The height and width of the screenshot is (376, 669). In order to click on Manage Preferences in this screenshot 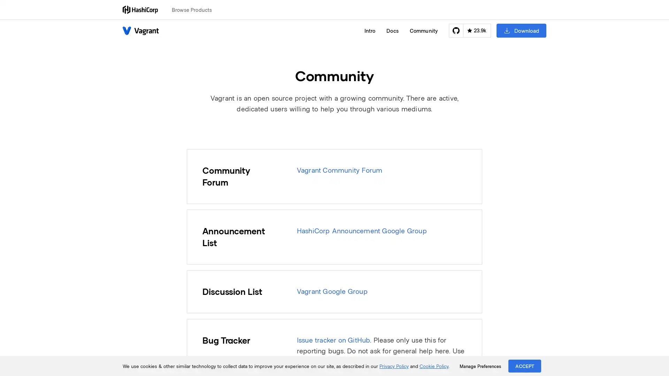, I will do `click(480, 366)`.